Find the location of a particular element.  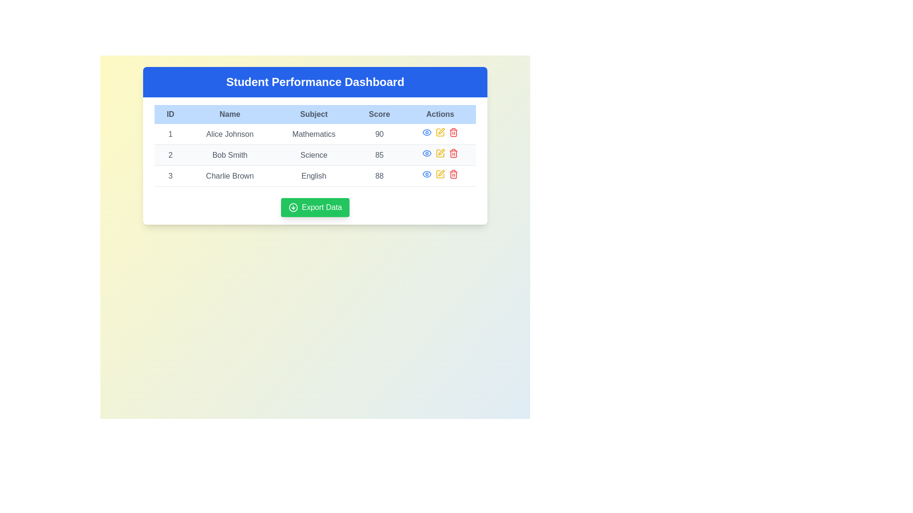

the text value of the Text cell in the first column under the 'ID' header, which contains the identifier 'Alice Johnson, Mathematics, 90' is located at coordinates (170, 134).